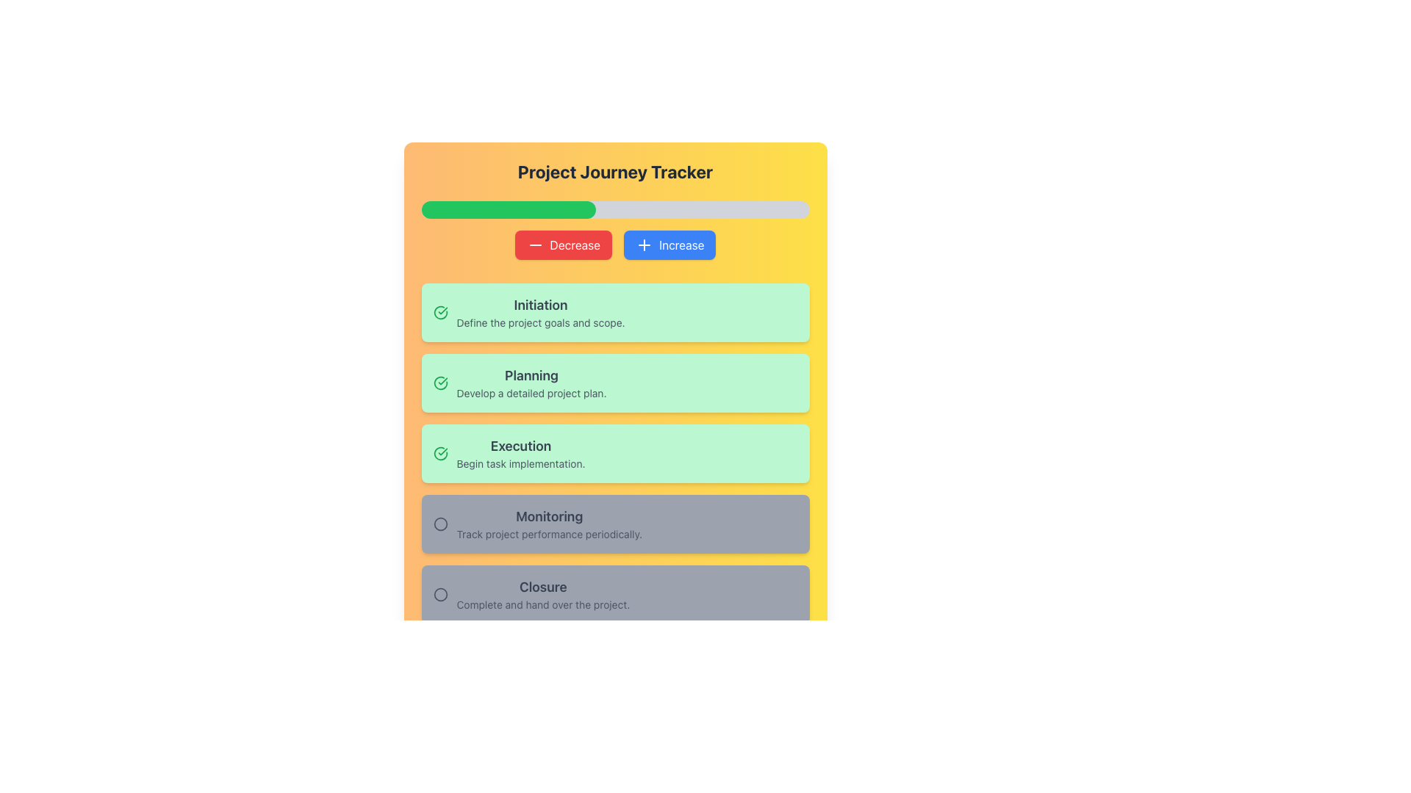  What do you see at coordinates (439, 382) in the screenshot?
I see `the green circular icon with a smaller green checkmark in the 'Planning' section of the task status indicators list` at bounding box center [439, 382].